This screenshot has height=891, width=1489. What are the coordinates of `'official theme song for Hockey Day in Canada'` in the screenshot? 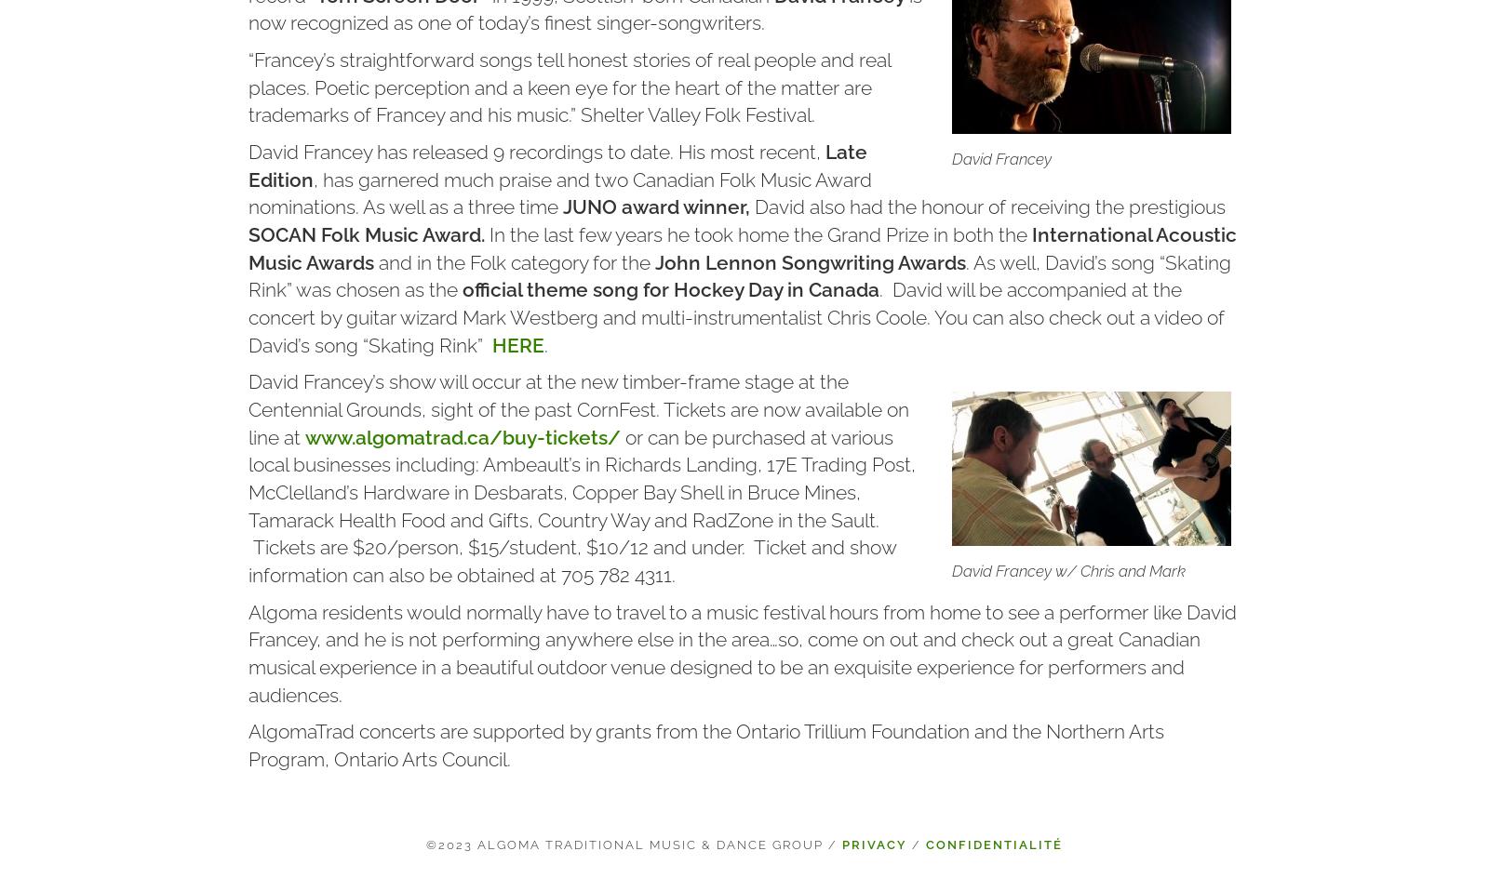 It's located at (670, 289).